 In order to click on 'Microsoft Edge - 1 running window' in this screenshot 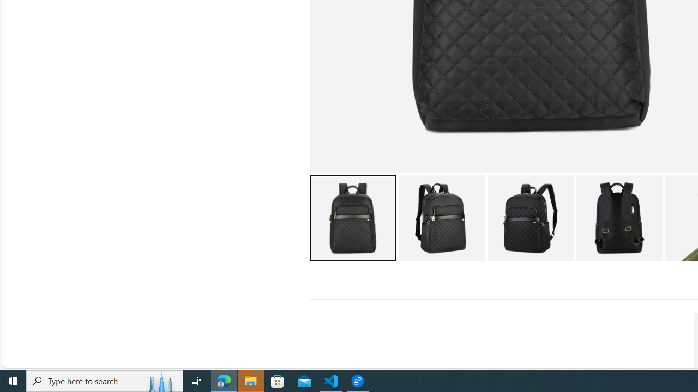, I will do `click(224, 380)`.